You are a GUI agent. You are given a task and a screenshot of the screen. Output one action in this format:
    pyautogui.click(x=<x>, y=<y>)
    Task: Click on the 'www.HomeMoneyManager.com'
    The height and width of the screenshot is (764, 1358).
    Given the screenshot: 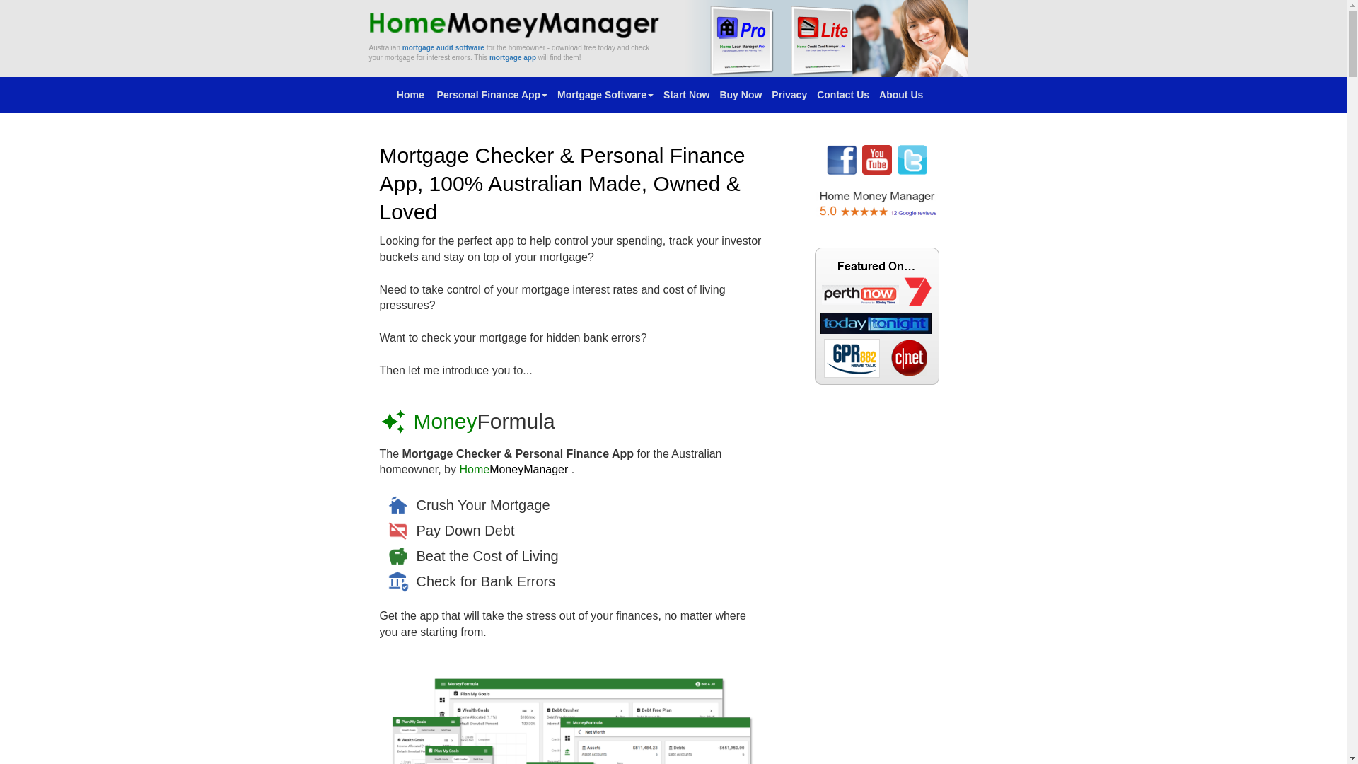 What is the action you would take?
    pyautogui.click(x=515, y=23)
    